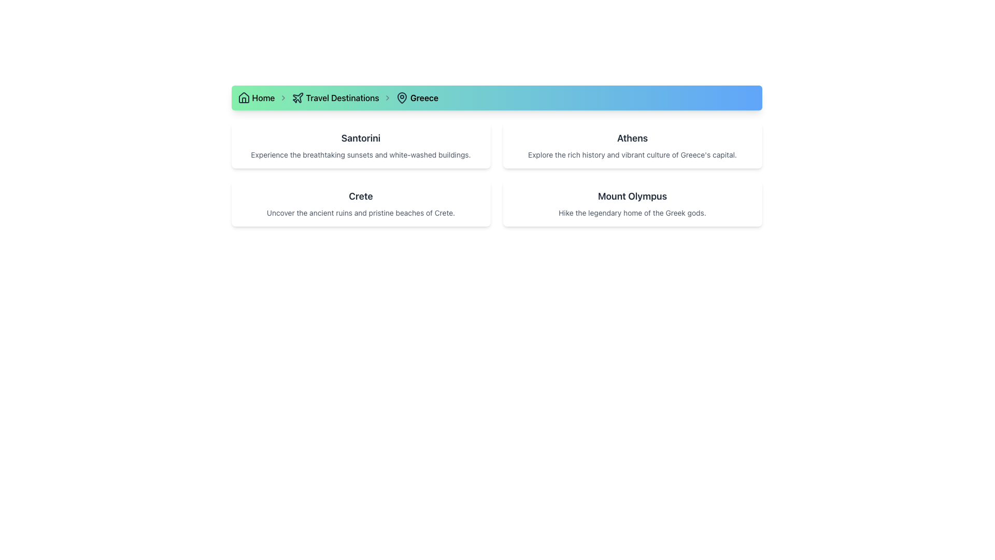  What do you see at coordinates (335, 98) in the screenshot?
I see `the breadcrumb item labeled 'Travel Destinations'` at bounding box center [335, 98].